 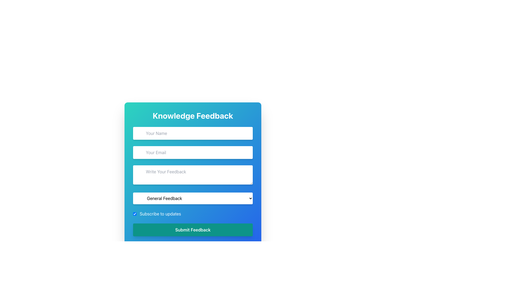 I want to click on the 'Submit Feedback' button with a teal background and white bold text, so click(x=192, y=229).